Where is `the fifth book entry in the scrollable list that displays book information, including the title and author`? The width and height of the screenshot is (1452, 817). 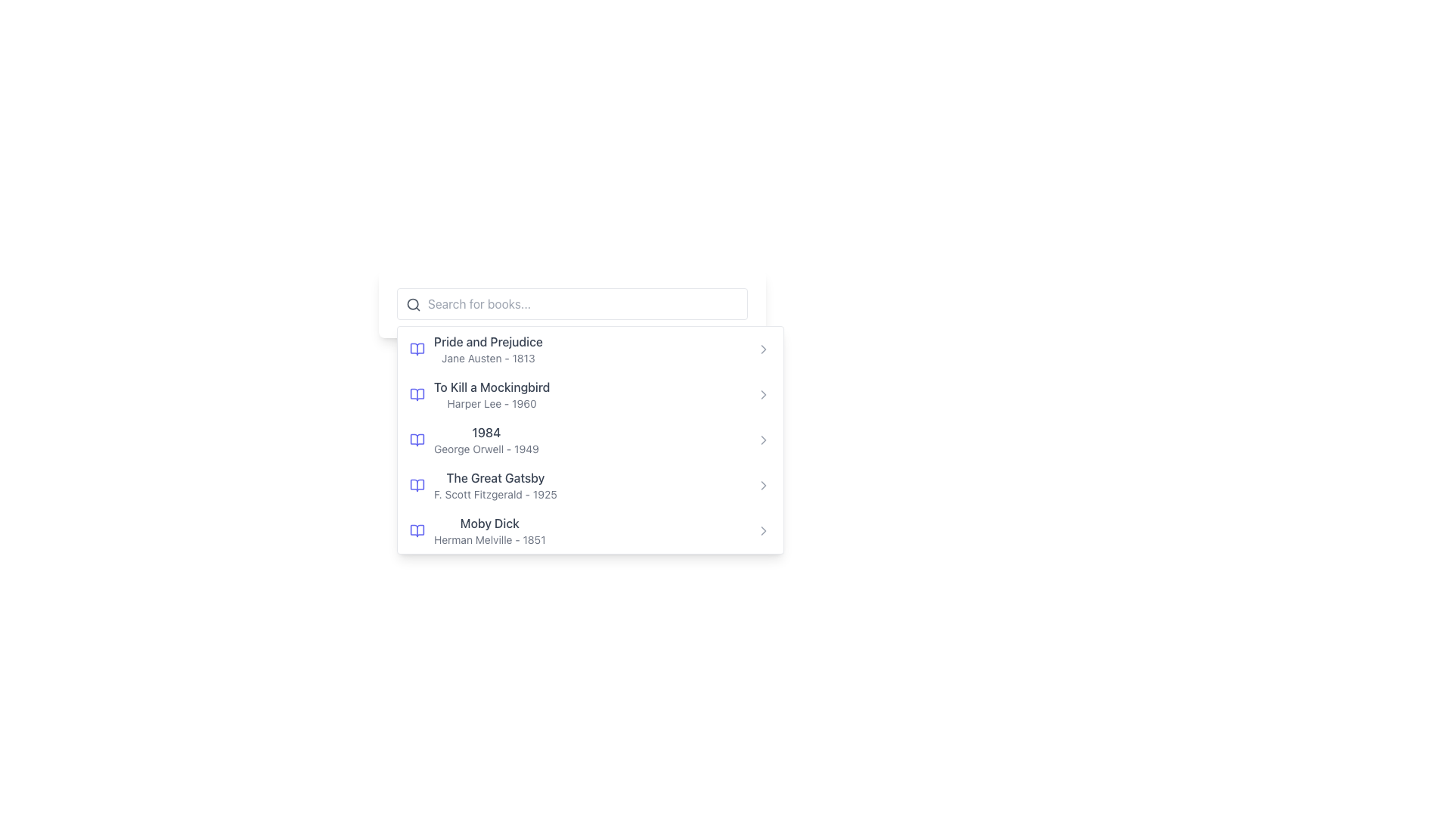
the fifth book entry in the scrollable list that displays book information, including the title and author is located at coordinates (489, 530).